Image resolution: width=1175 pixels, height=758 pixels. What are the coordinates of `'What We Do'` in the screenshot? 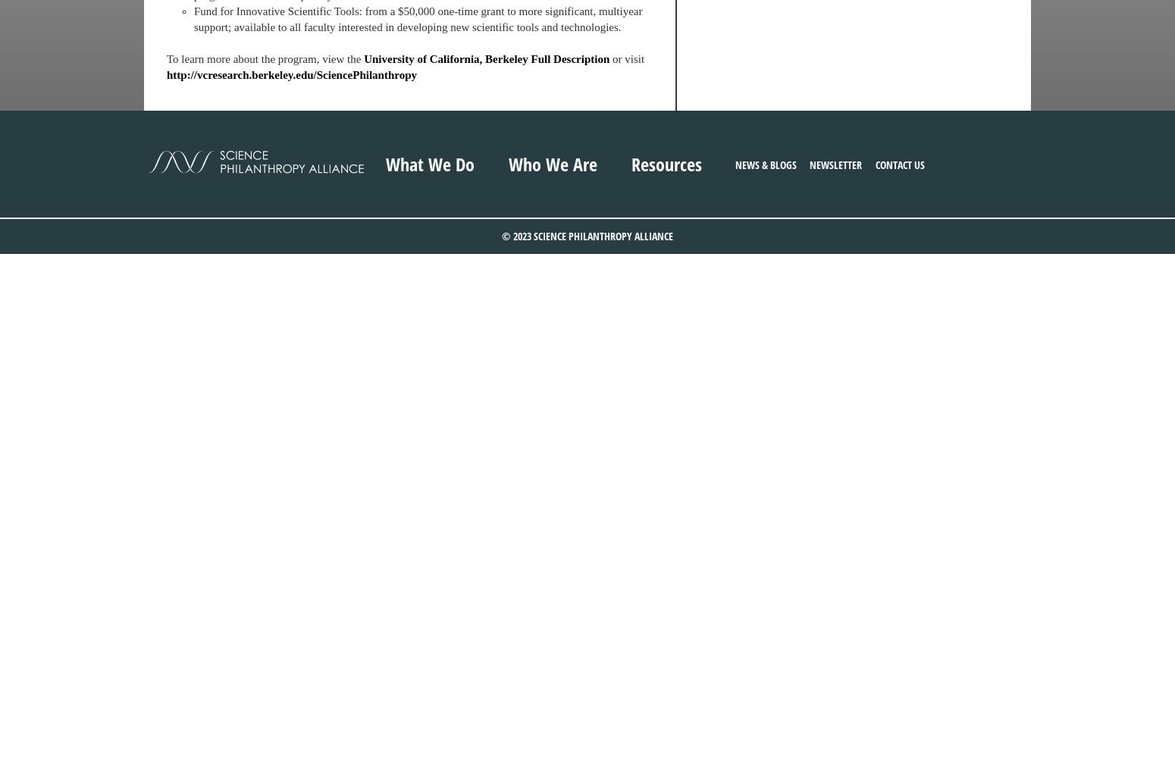 It's located at (430, 162).